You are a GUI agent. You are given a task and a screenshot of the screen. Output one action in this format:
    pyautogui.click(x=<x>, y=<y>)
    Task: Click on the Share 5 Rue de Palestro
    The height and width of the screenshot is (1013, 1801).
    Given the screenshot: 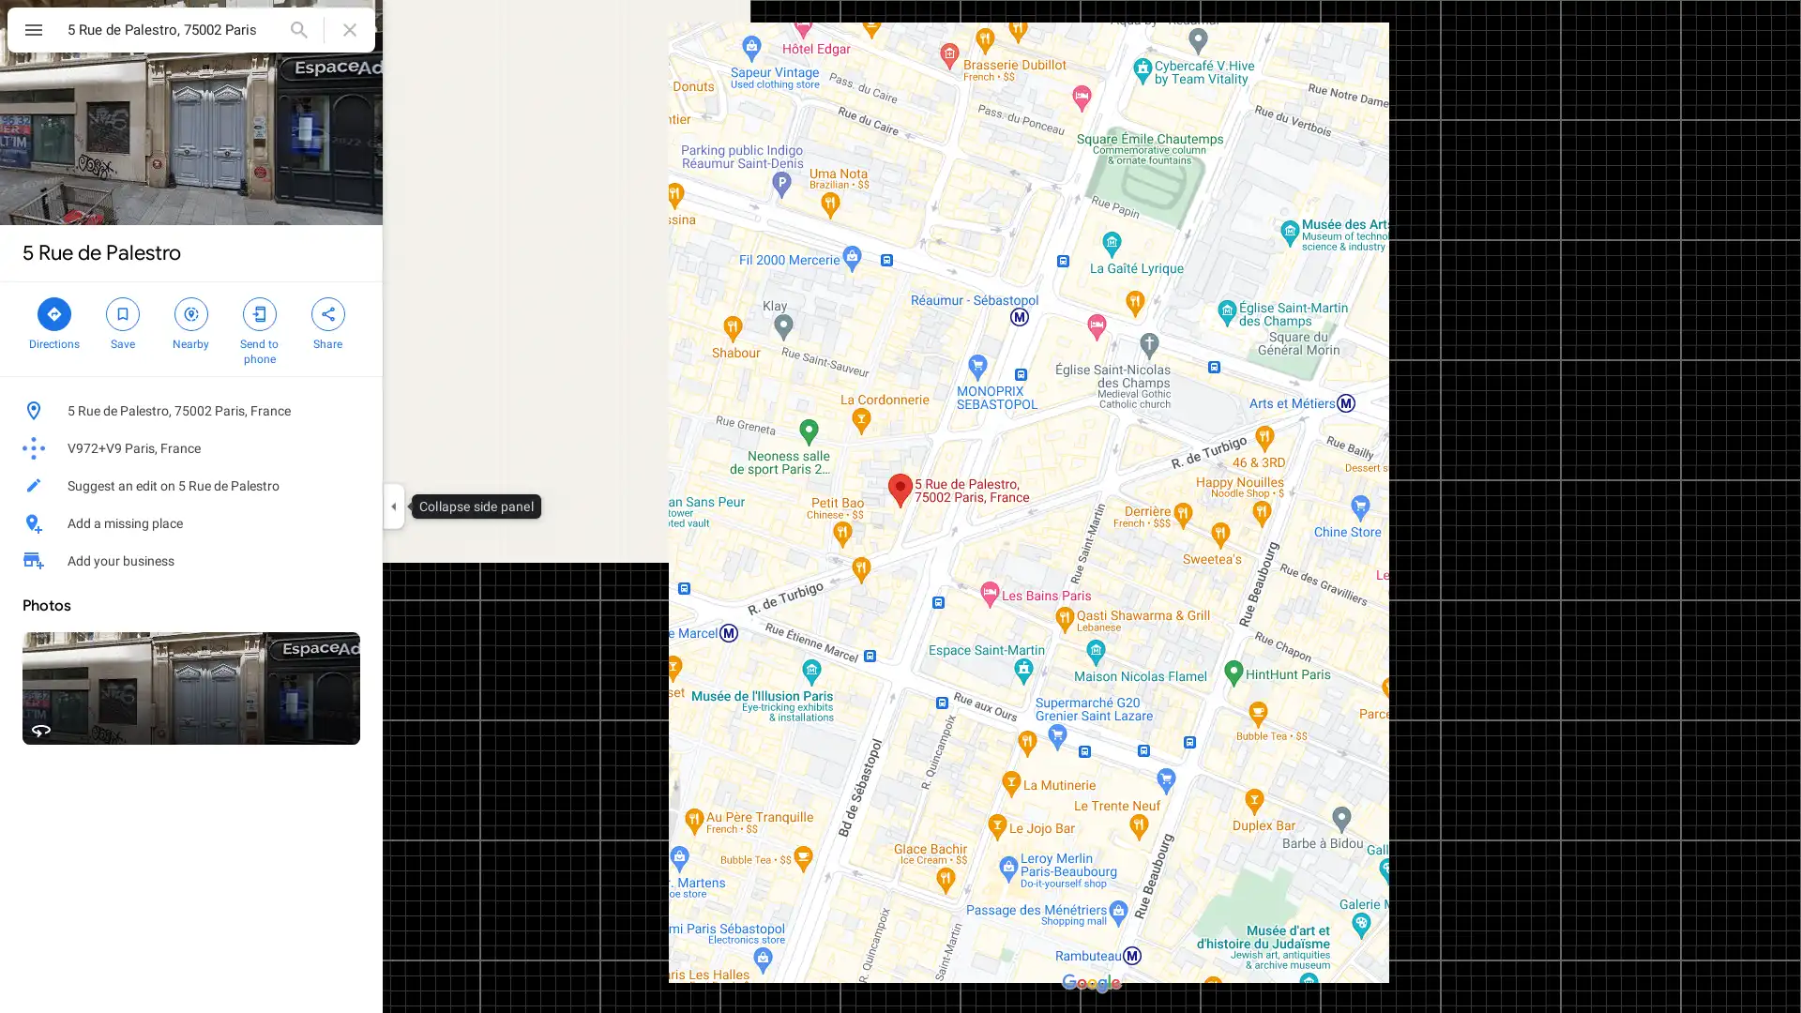 What is the action you would take?
    pyautogui.click(x=327, y=321)
    